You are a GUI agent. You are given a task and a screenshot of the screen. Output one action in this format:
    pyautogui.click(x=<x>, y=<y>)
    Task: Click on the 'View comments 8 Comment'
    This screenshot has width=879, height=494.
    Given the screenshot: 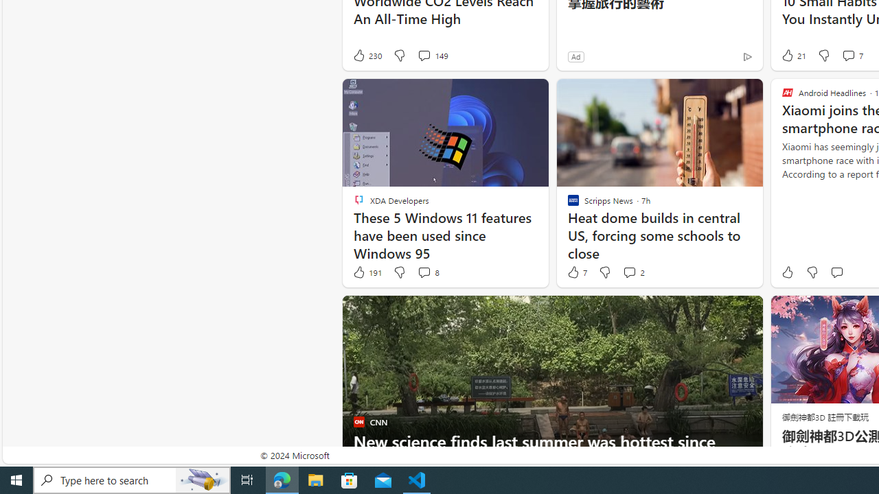 What is the action you would take?
    pyautogui.click(x=427, y=272)
    